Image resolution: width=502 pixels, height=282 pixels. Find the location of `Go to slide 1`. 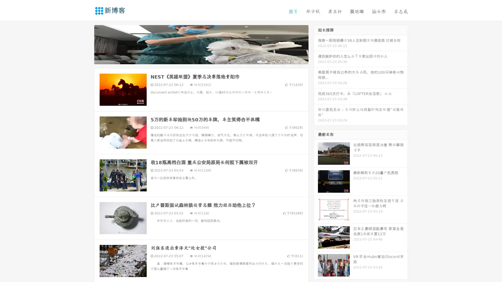

Go to slide 1 is located at coordinates (196, 59).